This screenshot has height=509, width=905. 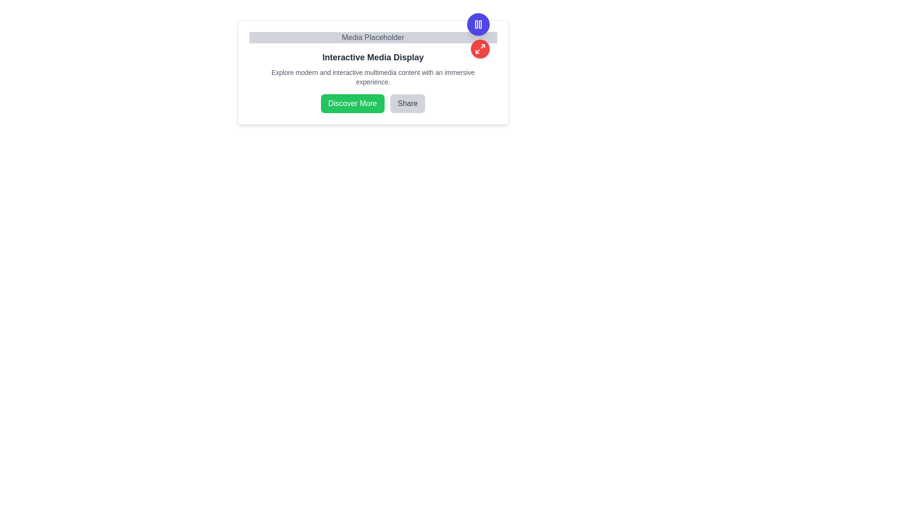 I want to click on the pause media playback icon located in the bottom-right corner circular button of the interface, so click(x=478, y=24).